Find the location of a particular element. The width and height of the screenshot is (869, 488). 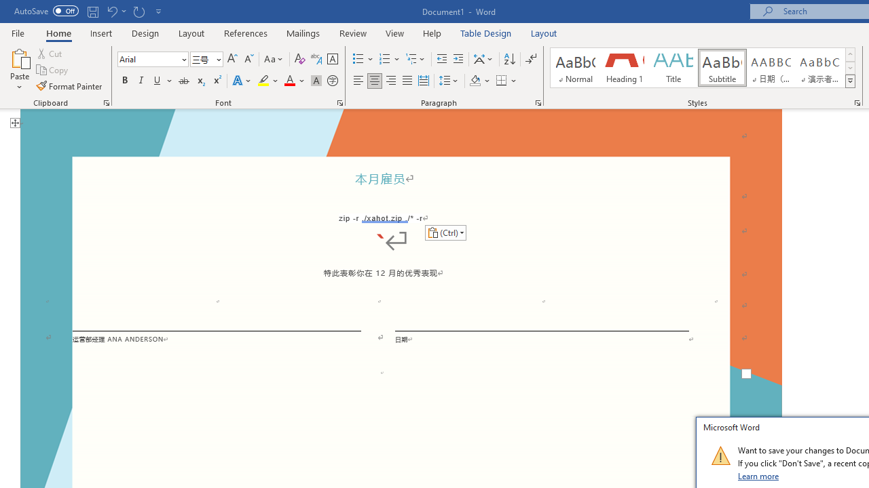

'Character Shading' is located at coordinates (315, 81).